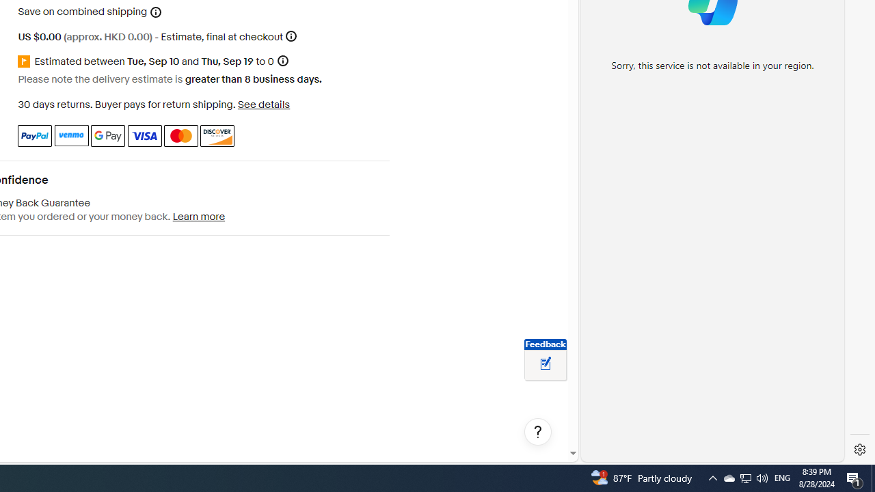  I want to click on 'Delivery alert flag', so click(26, 61).